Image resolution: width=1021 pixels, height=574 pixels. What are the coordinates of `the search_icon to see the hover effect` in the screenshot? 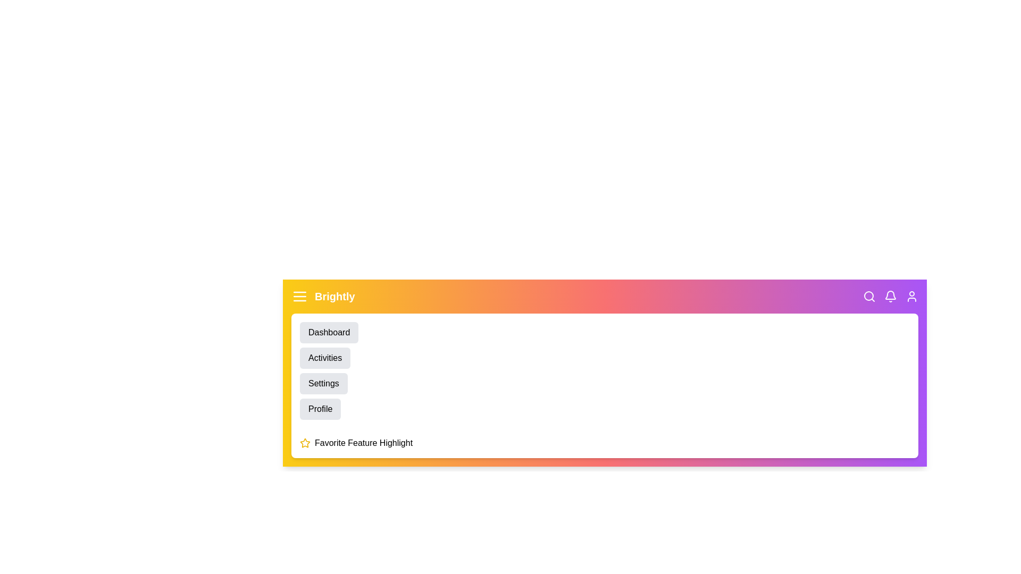 It's located at (869, 297).